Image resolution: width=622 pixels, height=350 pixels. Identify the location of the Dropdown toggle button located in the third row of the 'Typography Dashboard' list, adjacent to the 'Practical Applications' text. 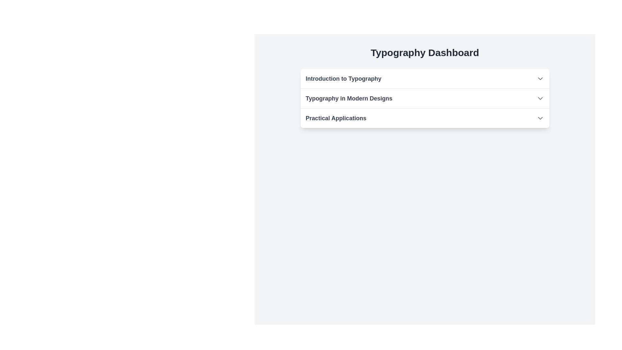
(540, 118).